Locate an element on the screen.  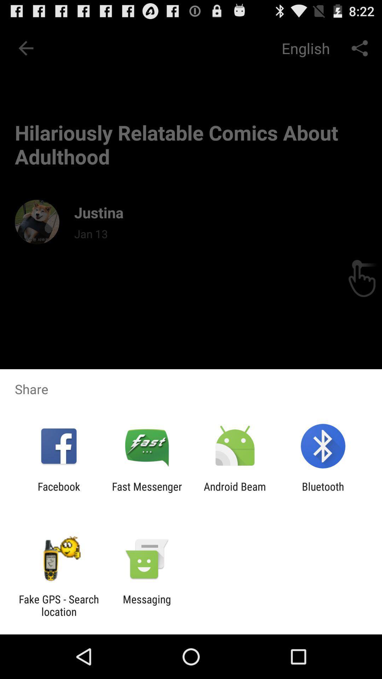
fake gps search app is located at coordinates (58, 605).